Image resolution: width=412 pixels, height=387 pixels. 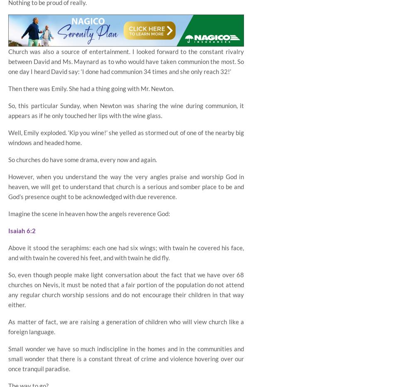 What do you see at coordinates (7, 137) in the screenshot?
I see `'Well, Emily exploded. ‘Kip you wine!’ she yelled as stormed out of one of the nearby big windows and headed home.'` at bounding box center [7, 137].